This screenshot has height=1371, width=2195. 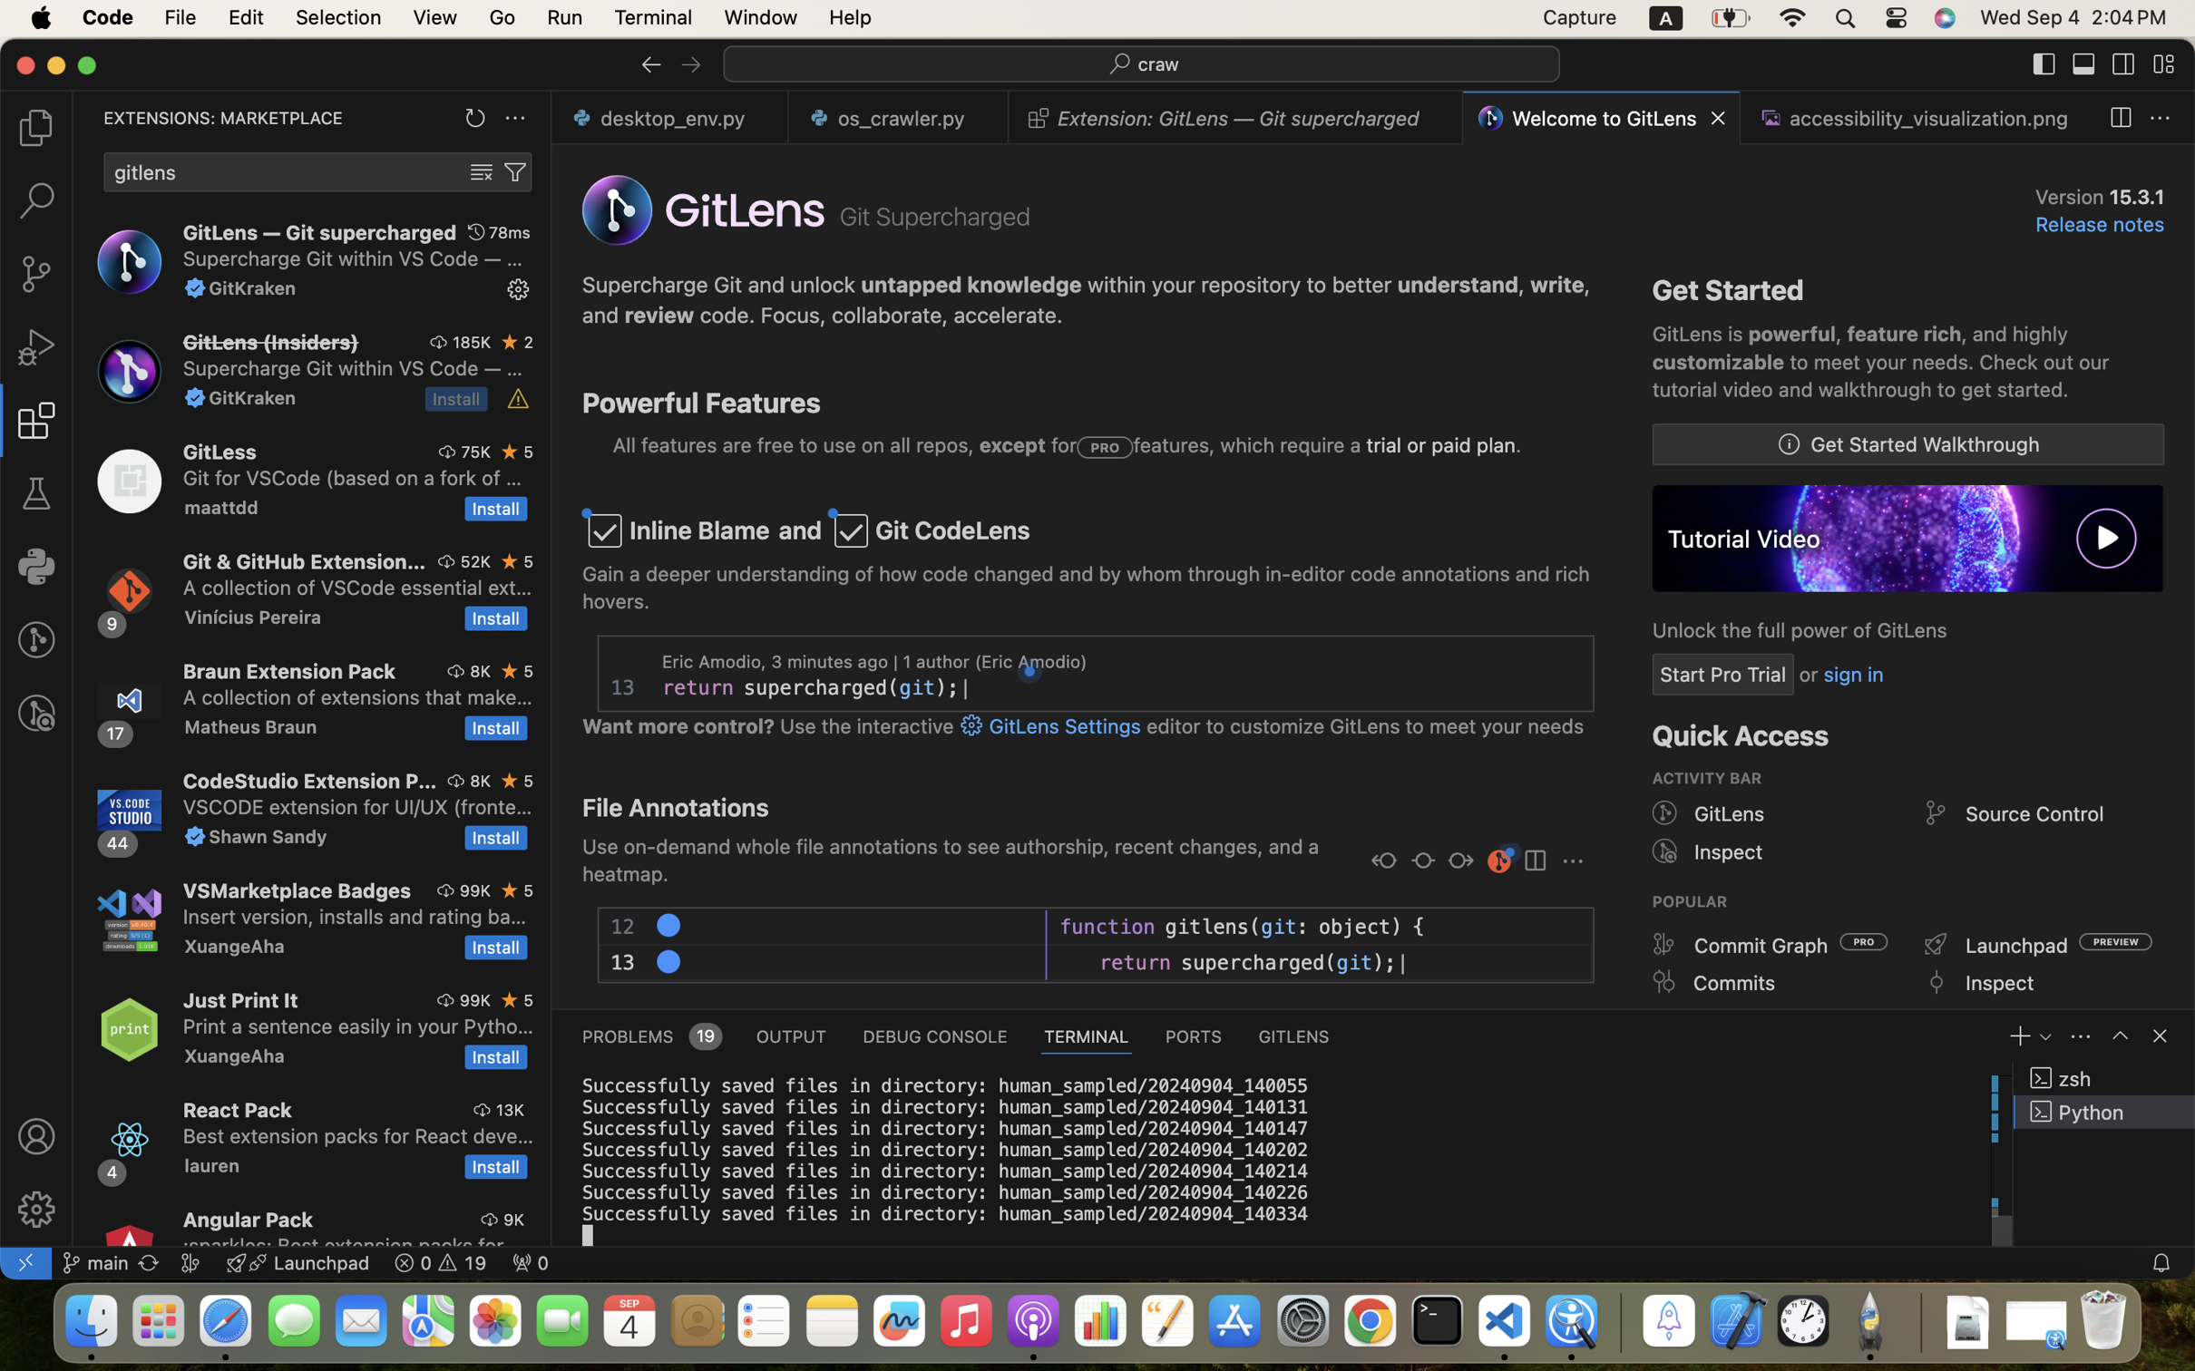 I want to click on 'Want more control?', so click(x=679, y=726).